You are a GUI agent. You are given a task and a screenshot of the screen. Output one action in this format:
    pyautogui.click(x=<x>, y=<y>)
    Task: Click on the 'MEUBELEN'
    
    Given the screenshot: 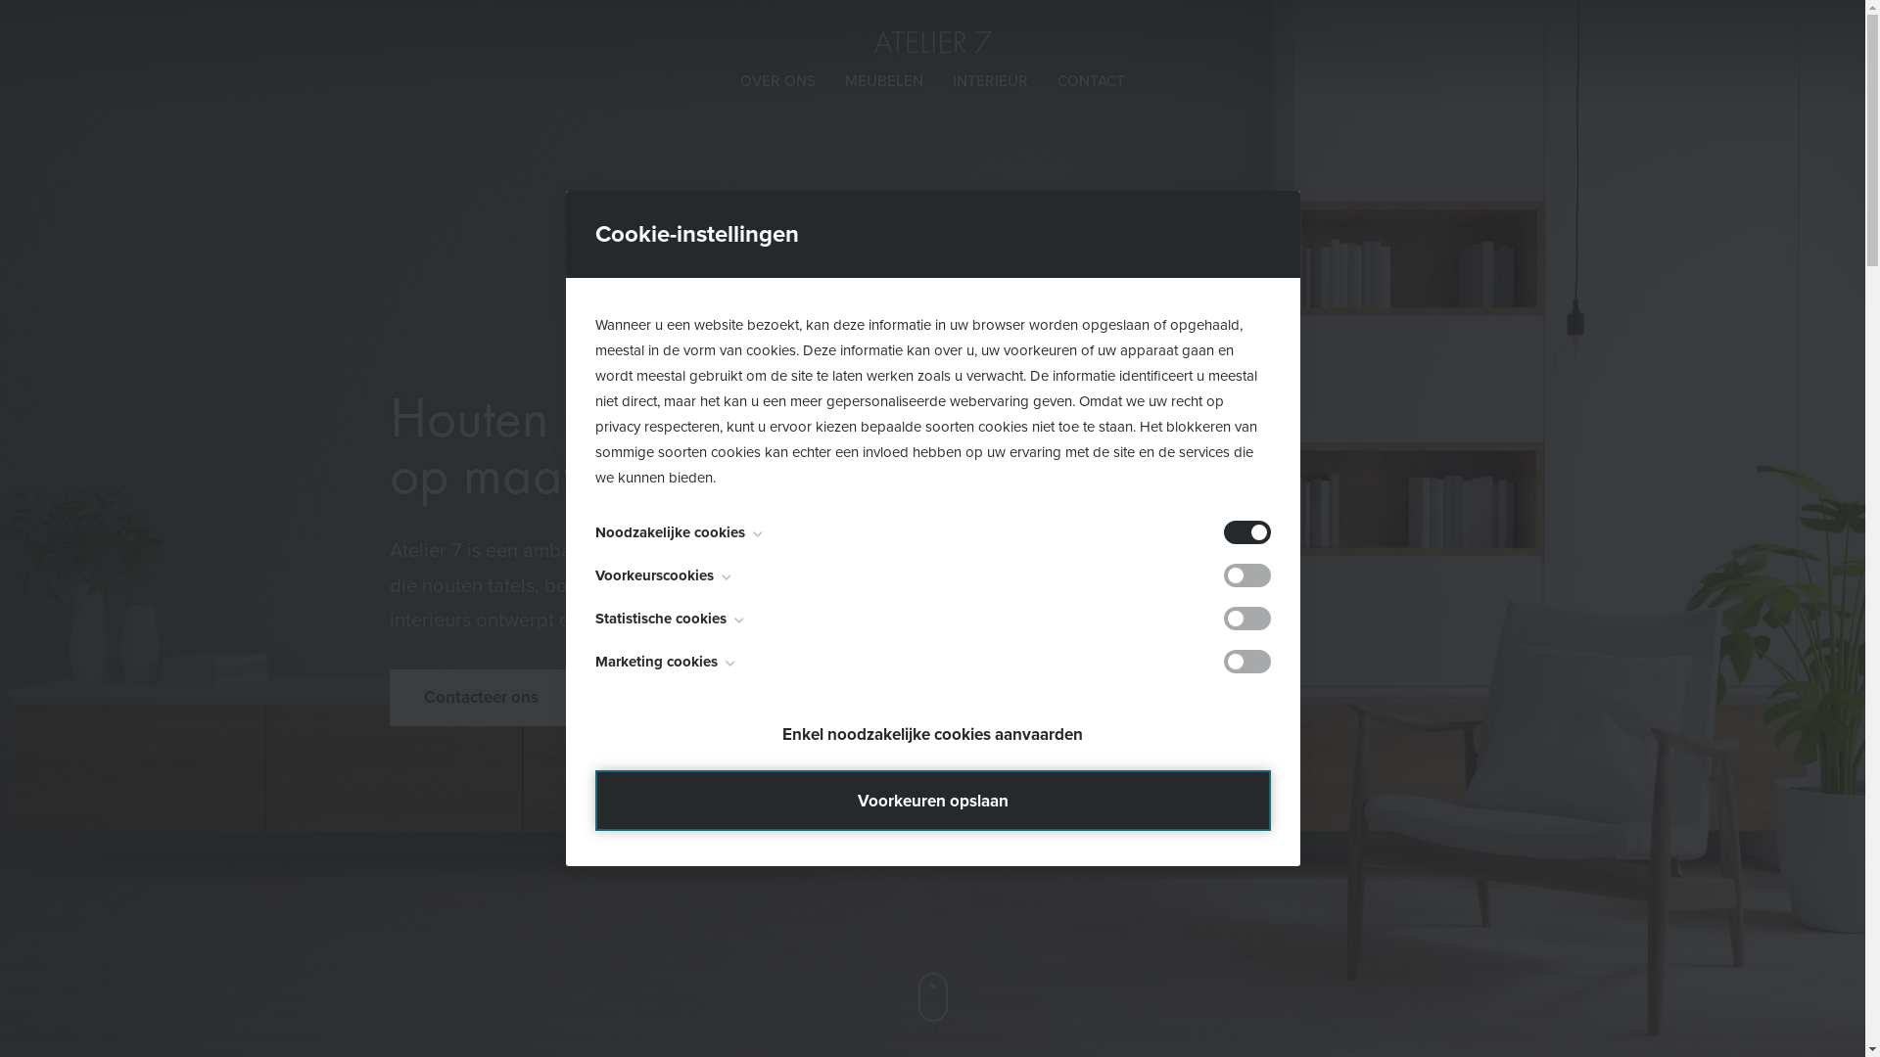 What is the action you would take?
    pyautogui.click(x=845, y=80)
    